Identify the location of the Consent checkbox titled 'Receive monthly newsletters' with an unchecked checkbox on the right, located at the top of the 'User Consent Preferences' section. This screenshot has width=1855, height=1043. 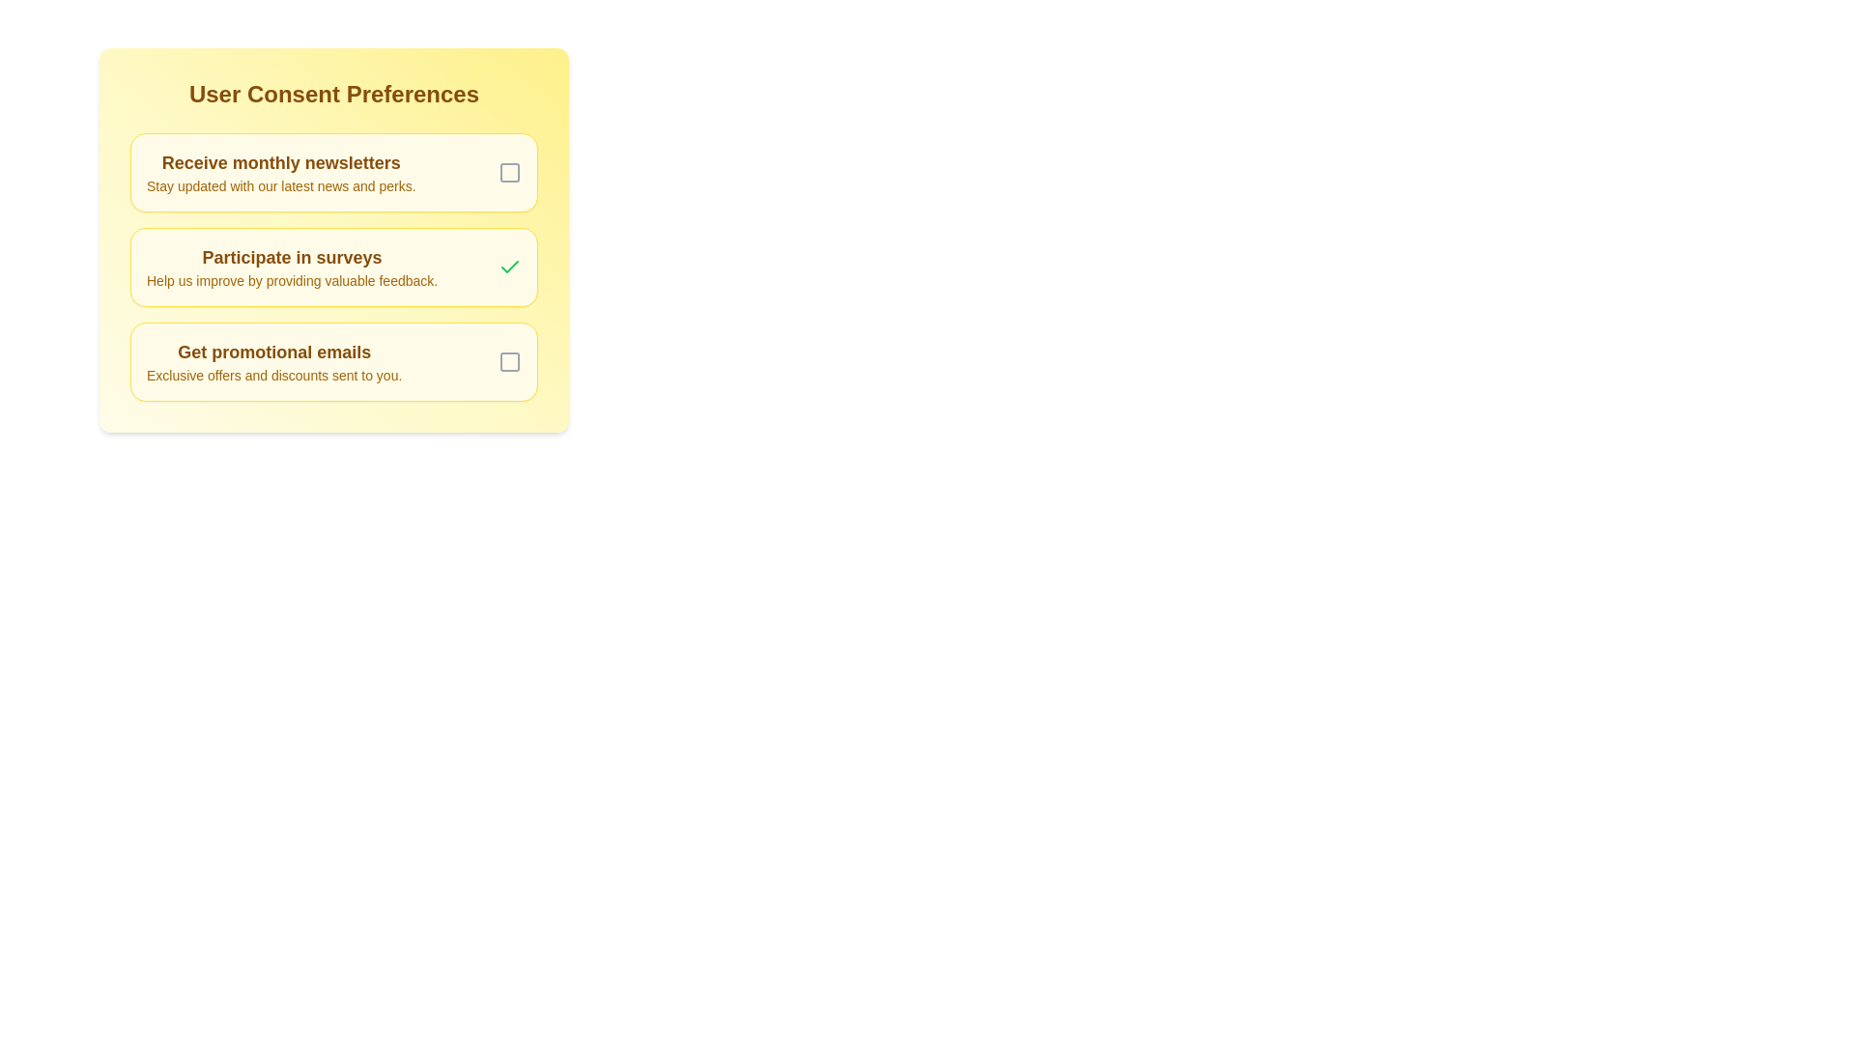
(333, 171).